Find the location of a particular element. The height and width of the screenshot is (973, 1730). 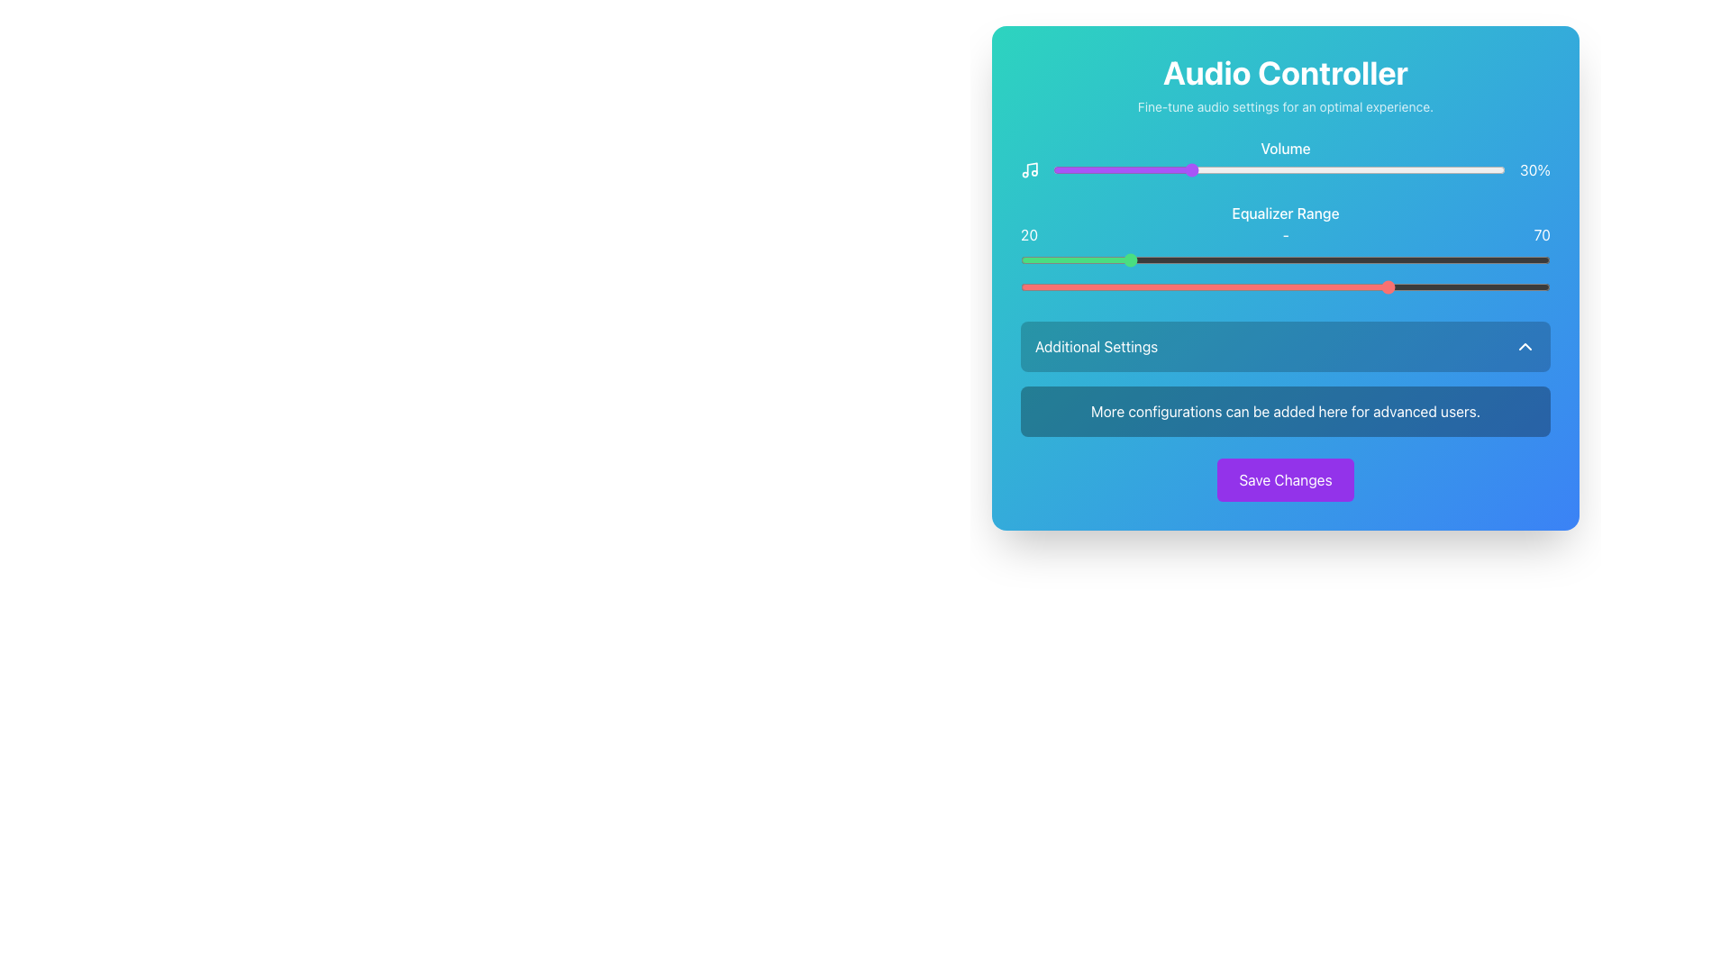

the musical note icon with a white outline on a gradient teal-blue background, located in the top-left corner of the 'Audio Controller' UI panel is located at coordinates (1030, 170).